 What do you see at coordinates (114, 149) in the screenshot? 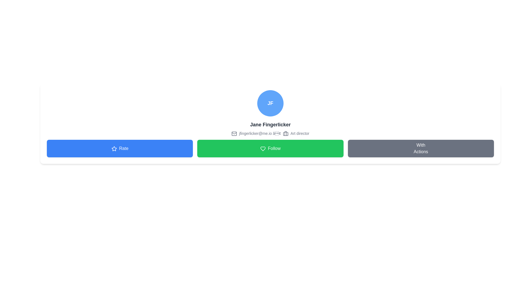
I see `the blue star decorative icon located within the 'Rate' button, which is visually distinct and part of the icon group` at bounding box center [114, 149].